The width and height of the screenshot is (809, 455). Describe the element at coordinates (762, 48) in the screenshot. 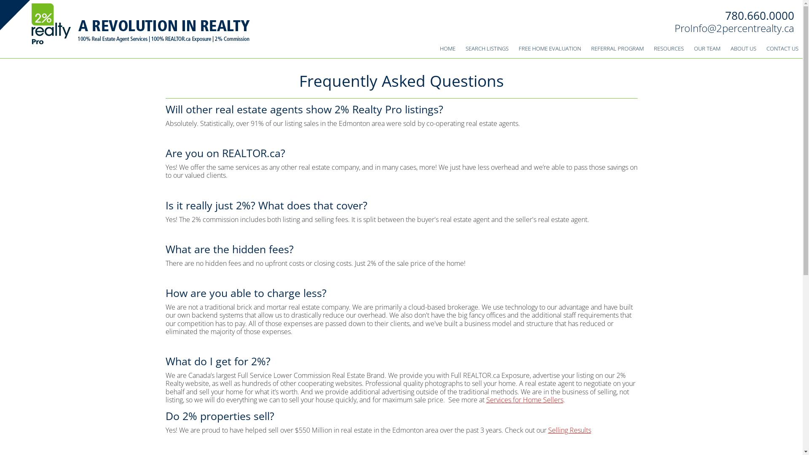

I see `'CONTACT US'` at that location.